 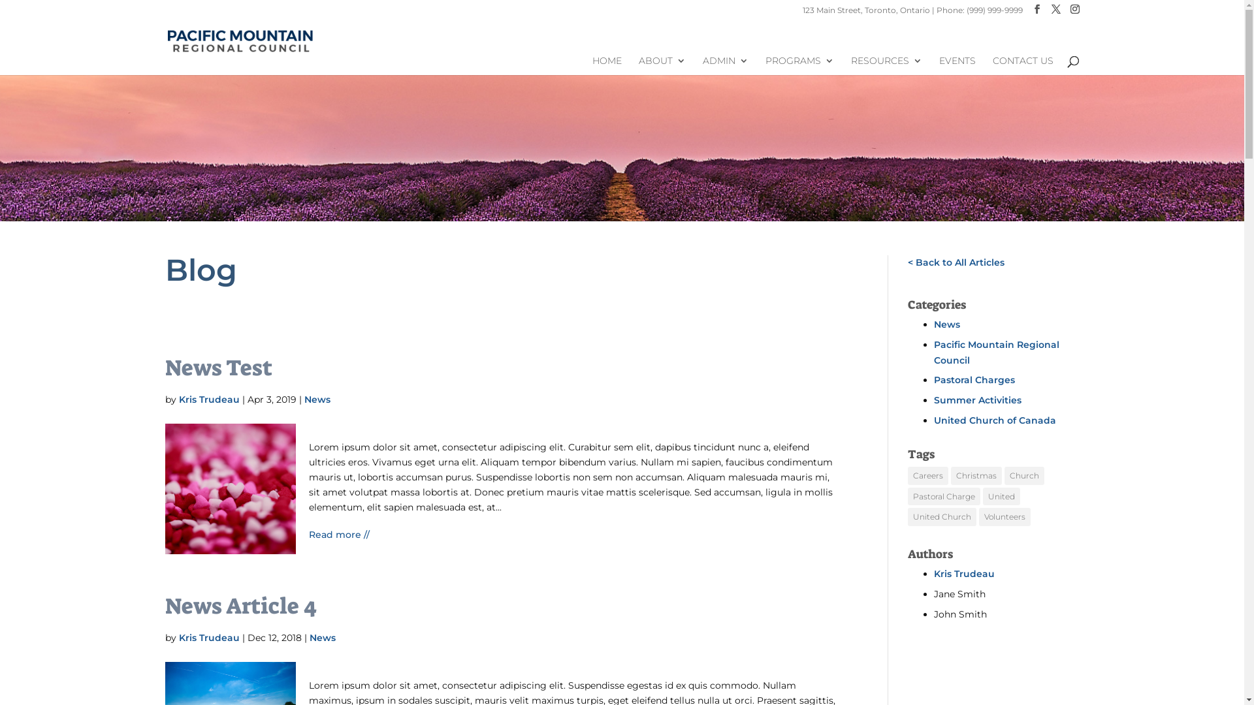 I want to click on 'United Church of Canada', so click(x=994, y=420).